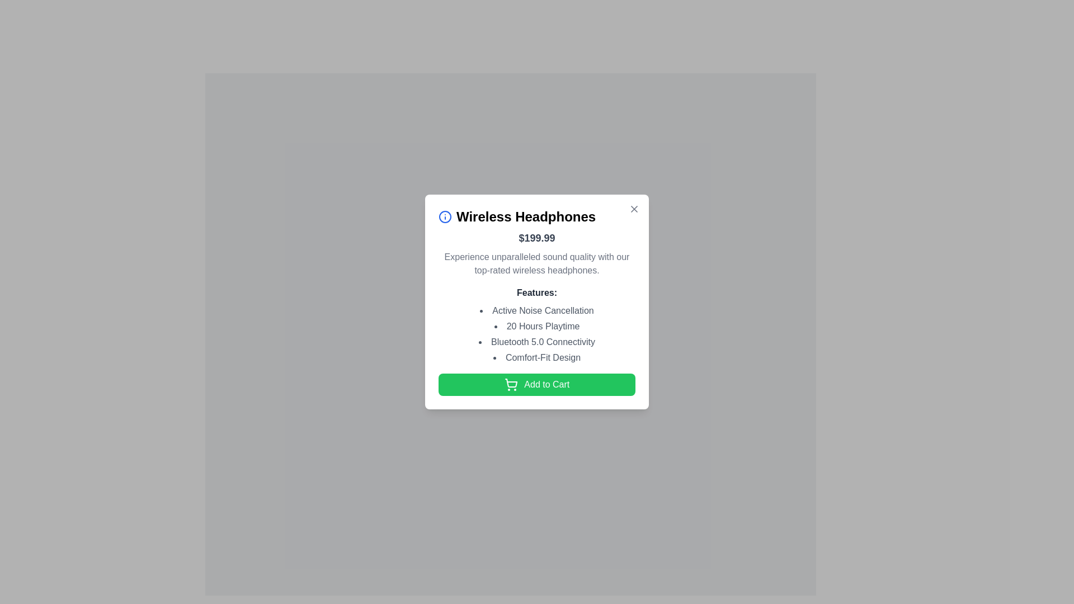 This screenshot has height=604, width=1074. I want to click on the text element 'Comfort-Fit Design', which is styled with a gray font color and is the last item in a vertical list within a modal, located above the 'Add to Cart' button, so click(537, 357).